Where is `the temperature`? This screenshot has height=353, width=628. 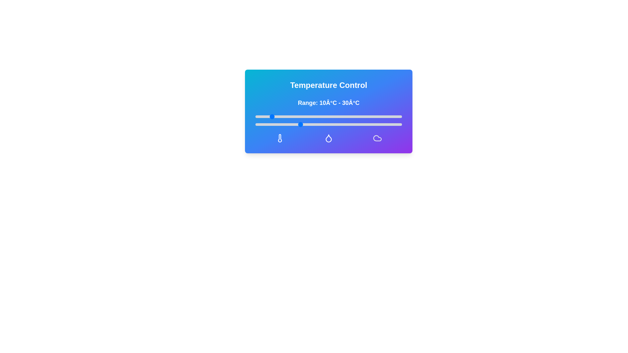
the temperature is located at coordinates (306, 116).